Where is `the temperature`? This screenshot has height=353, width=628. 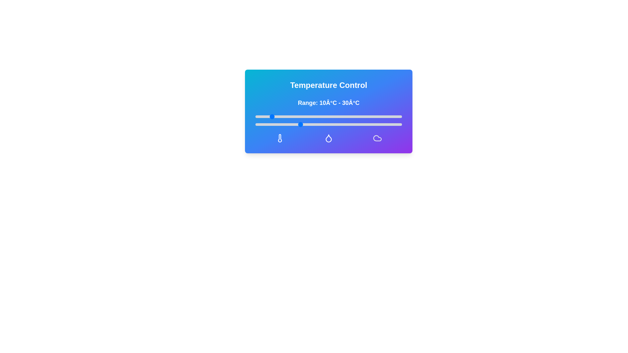
the temperature is located at coordinates (306, 116).